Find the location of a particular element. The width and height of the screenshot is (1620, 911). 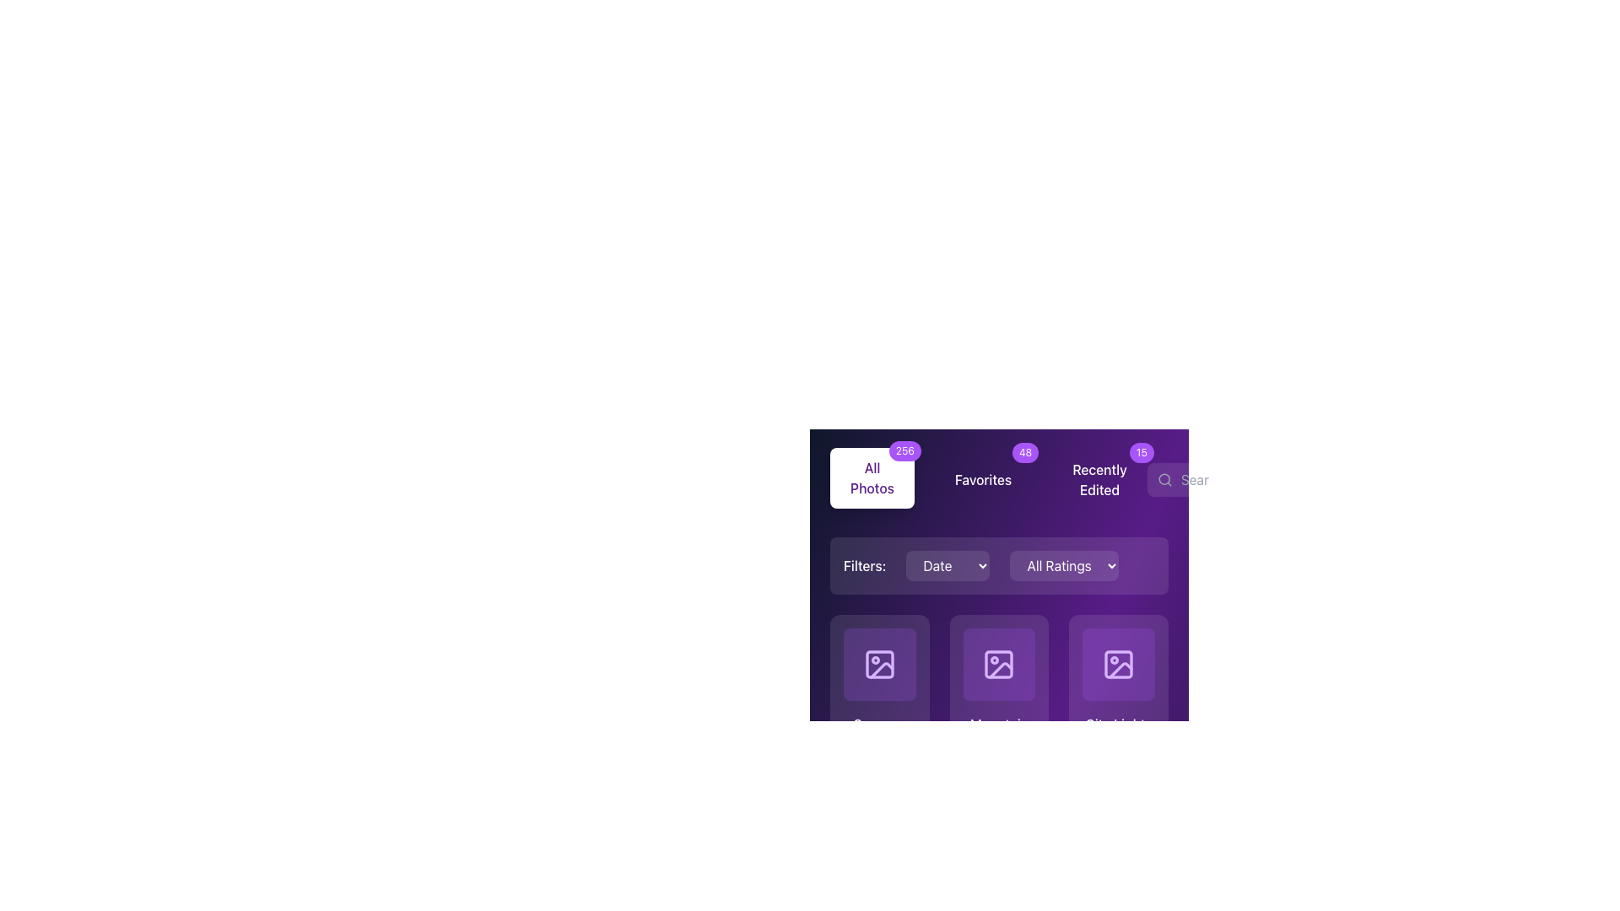

text of the 'Recently Edited' label, which is displayed in a bold font against a dark purple background is located at coordinates (1099, 480).